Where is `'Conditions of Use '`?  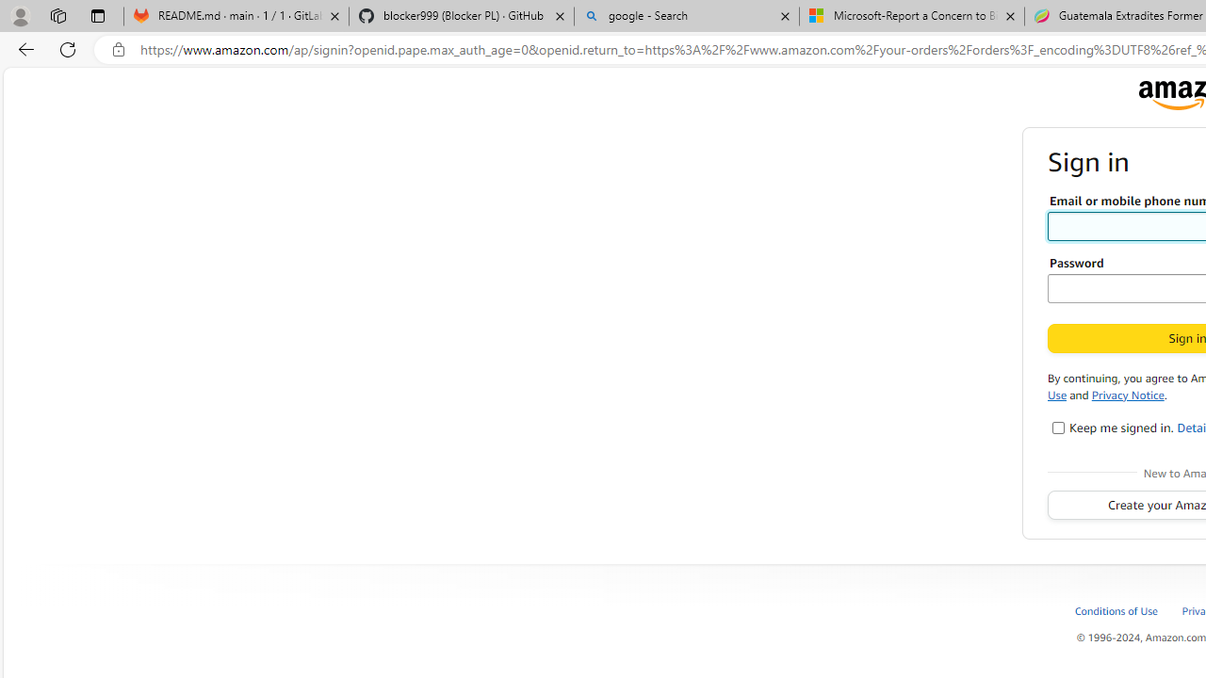
'Conditions of Use ' is located at coordinates (1127, 610).